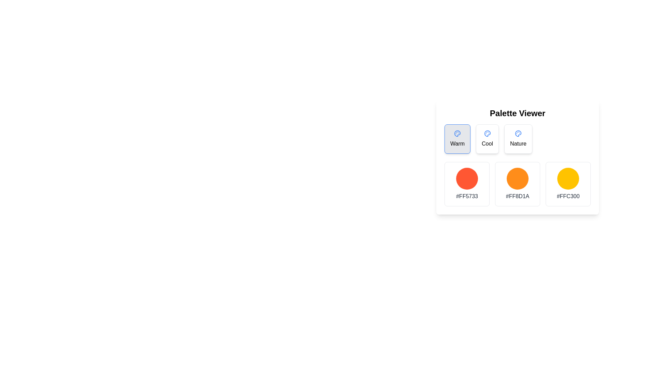 The height and width of the screenshot is (369, 656). What do you see at coordinates (518, 196) in the screenshot?
I see `text displayed in the Label/Text element showing '#FF8D1A', which is centrally aligned below the colored circle in the second column of the color palette area` at bounding box center [518, 196].